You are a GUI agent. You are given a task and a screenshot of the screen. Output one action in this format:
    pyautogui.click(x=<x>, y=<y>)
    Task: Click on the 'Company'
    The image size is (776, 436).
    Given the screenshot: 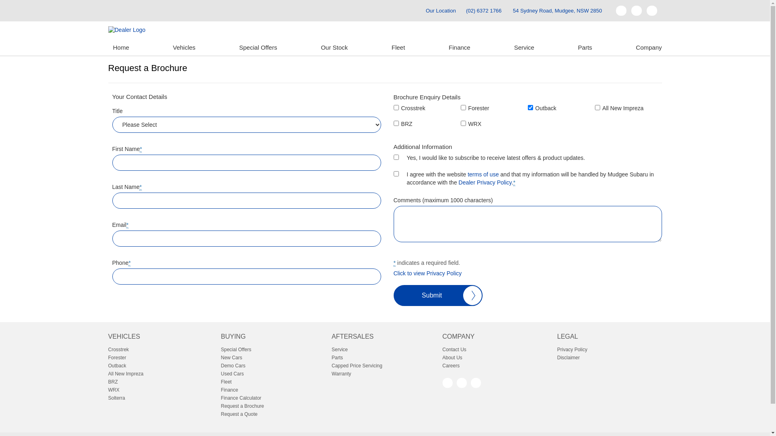 What is the action you would take?
    pyautogui.click(x=630, y=47)
    